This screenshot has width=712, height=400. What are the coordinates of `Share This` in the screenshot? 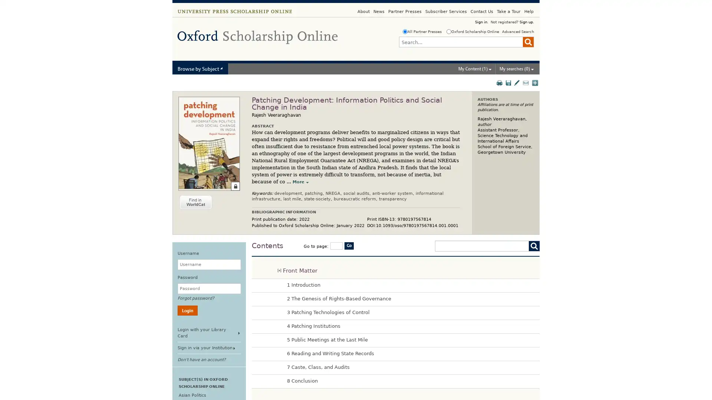 It's located at (535, 83).